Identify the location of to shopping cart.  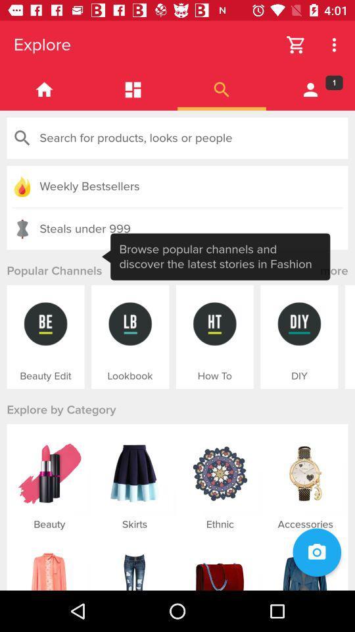
(296, 45).